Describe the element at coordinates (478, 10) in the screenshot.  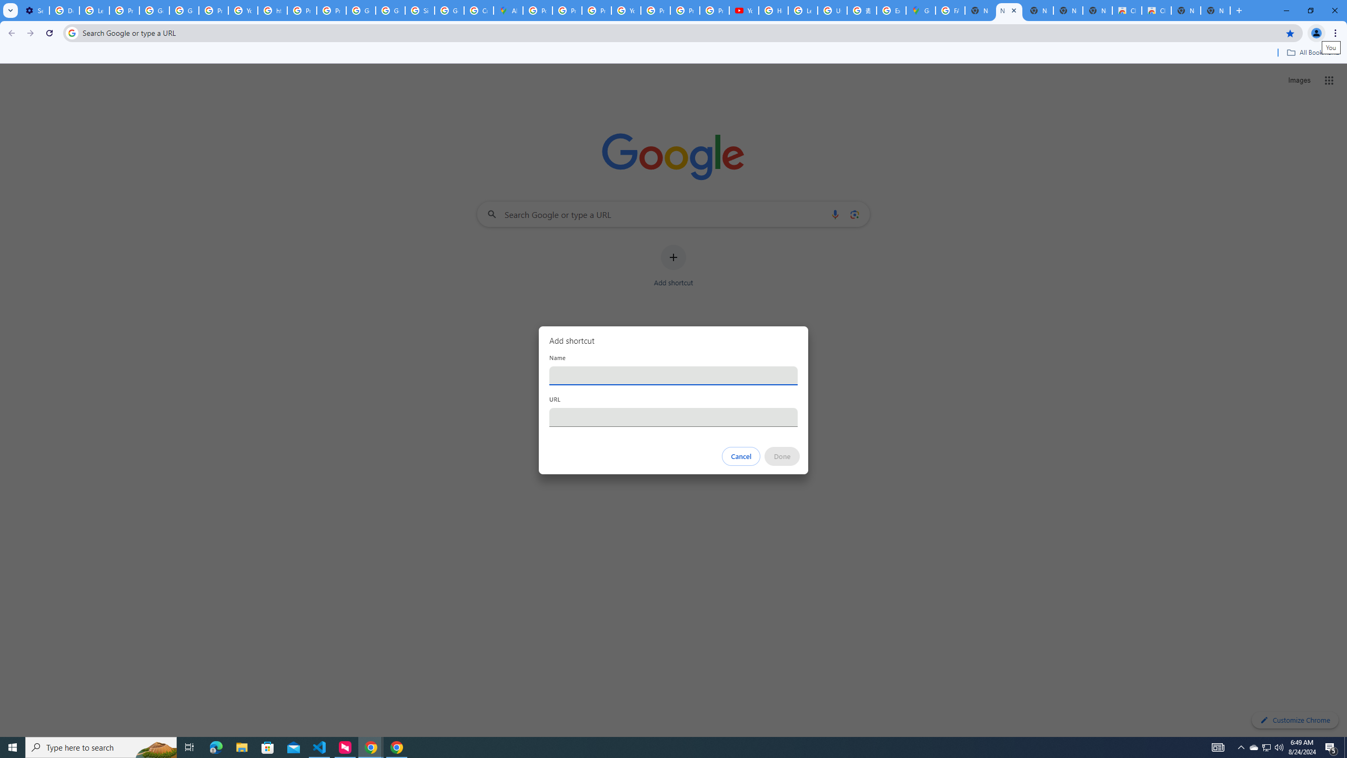
I see `'Create your Google Account'` at that location.